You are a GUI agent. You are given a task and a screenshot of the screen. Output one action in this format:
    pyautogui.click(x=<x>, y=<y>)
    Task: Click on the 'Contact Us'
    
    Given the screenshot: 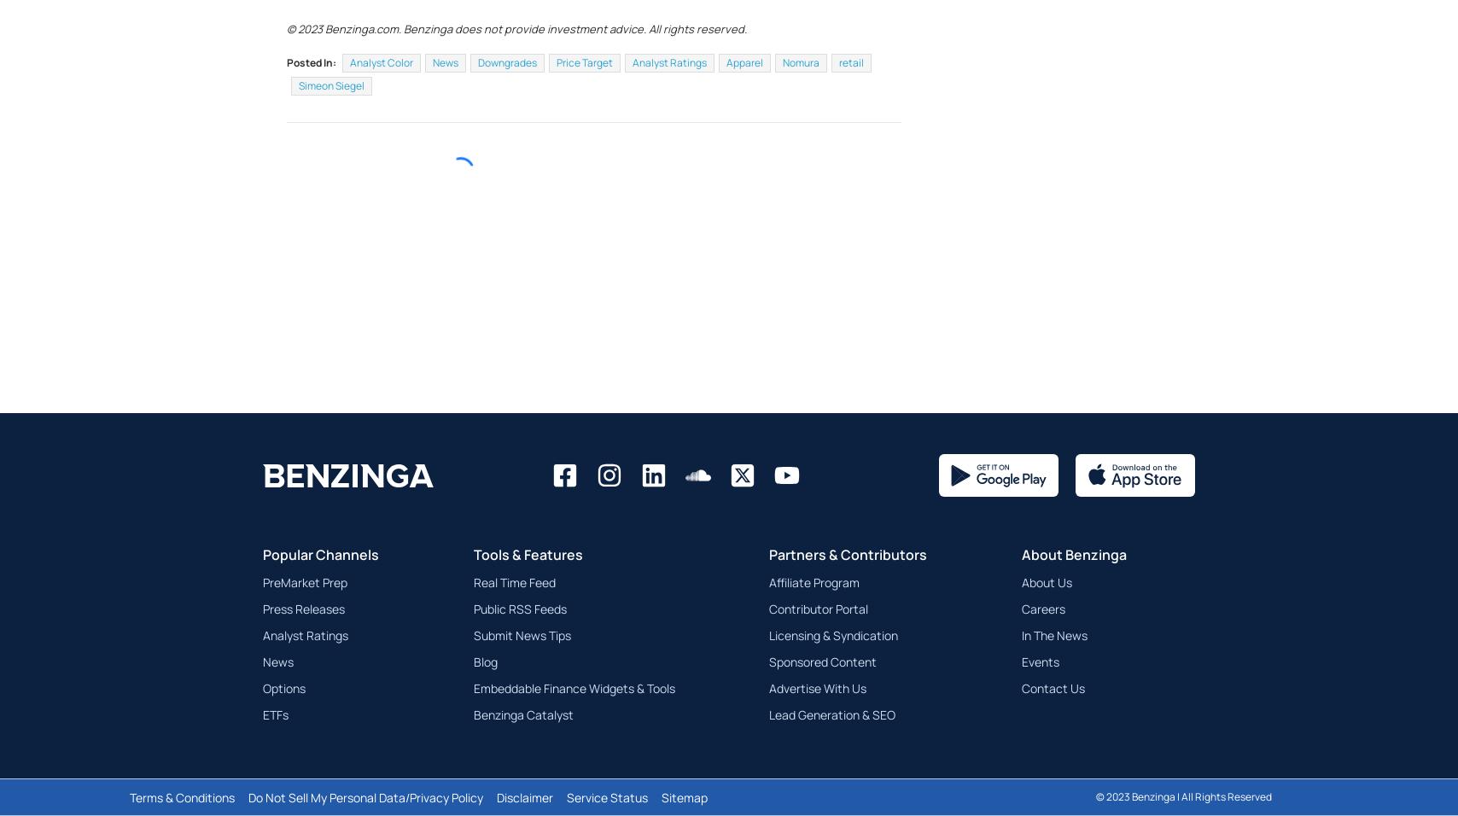 What is the action you would take?
    pyautogui.click(x=1020, y=729)
    